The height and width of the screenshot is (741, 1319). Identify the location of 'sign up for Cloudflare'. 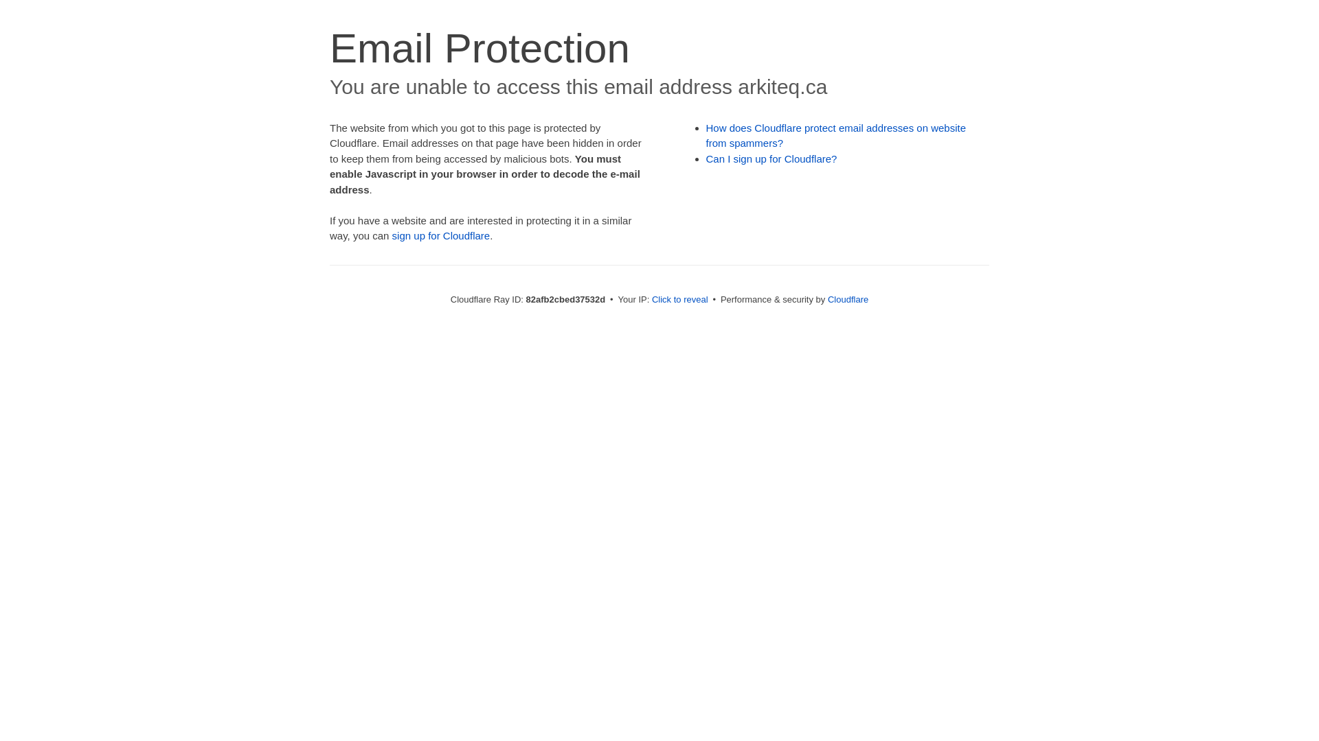
(441, 235).